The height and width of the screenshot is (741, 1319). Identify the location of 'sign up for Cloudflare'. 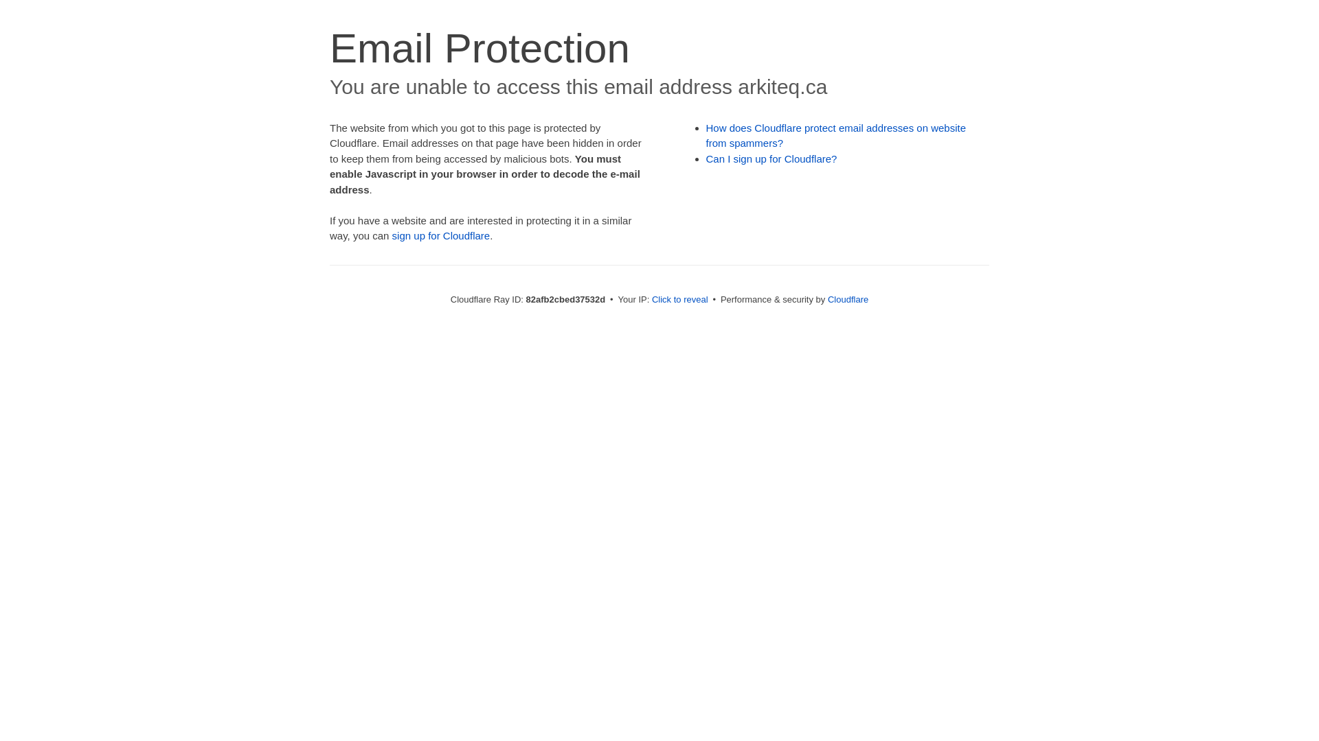
(441, 235).